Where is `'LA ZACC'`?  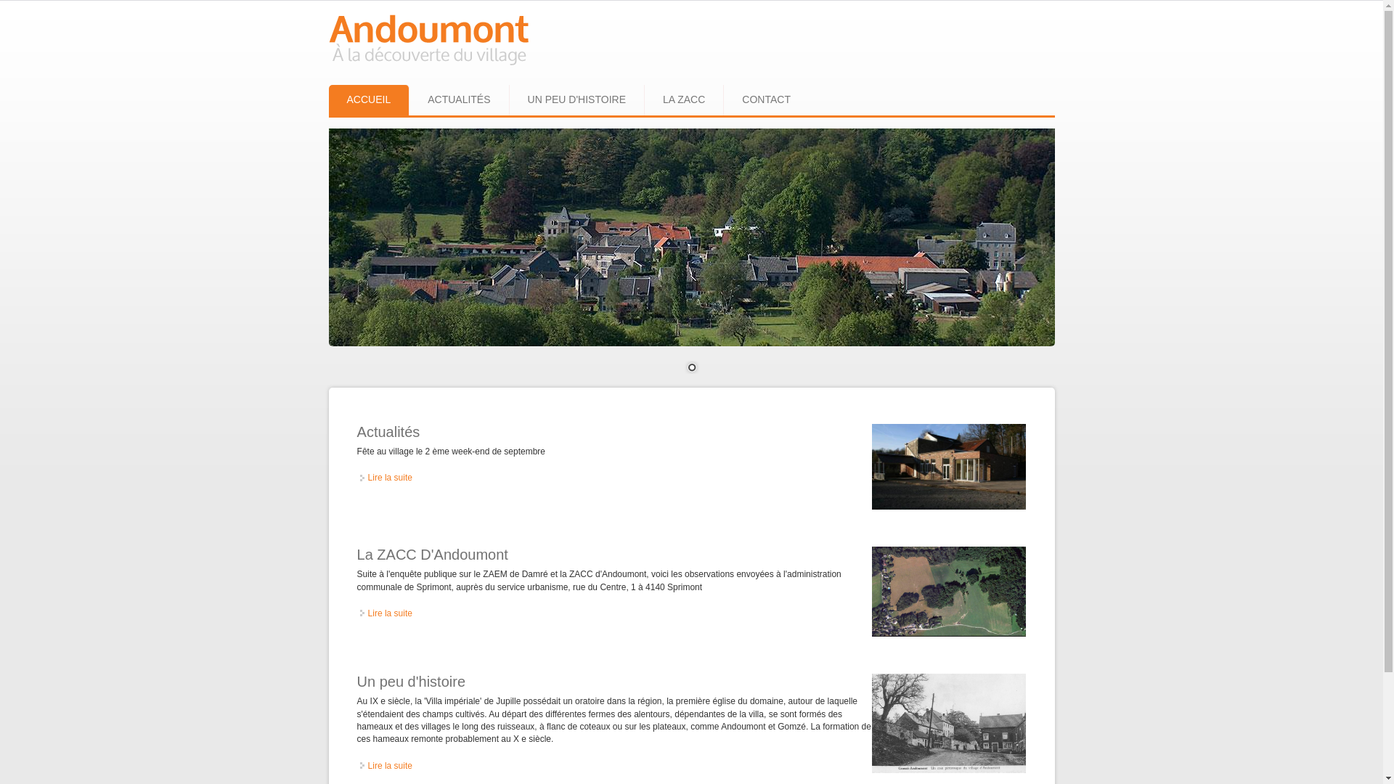
'LA ZACC' is located at coordinates (644, 99).